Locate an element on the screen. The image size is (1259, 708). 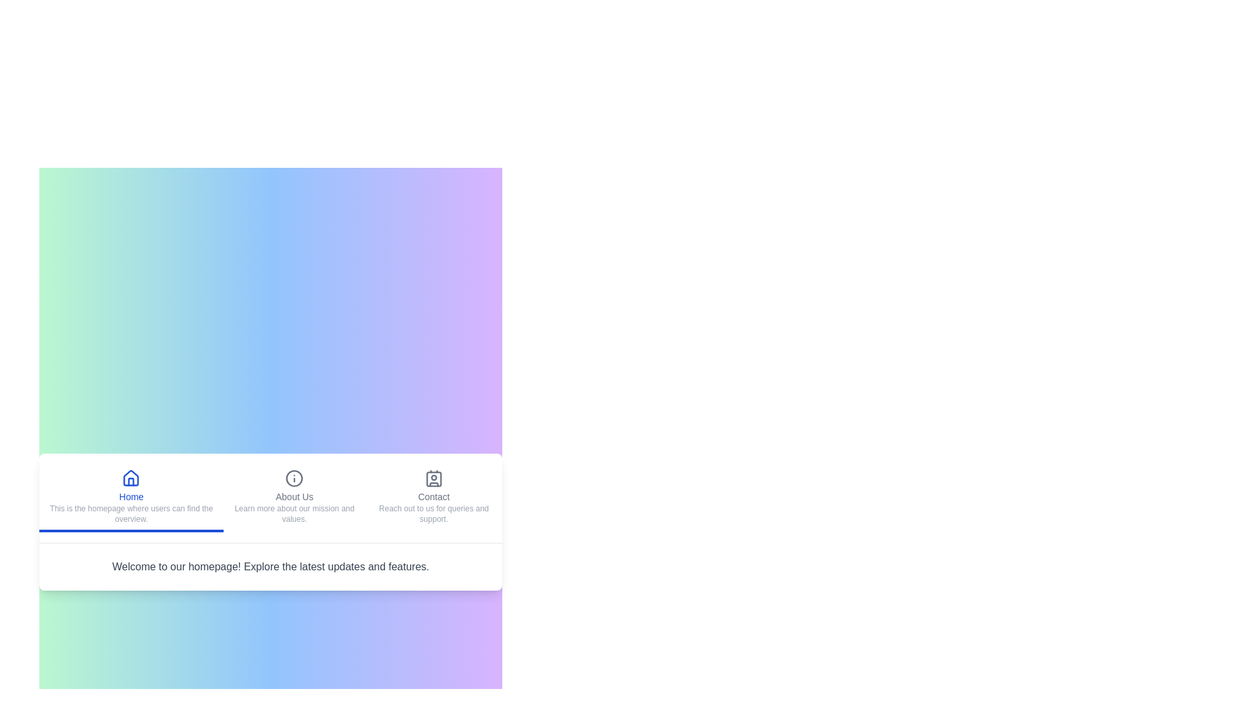
the Home tab to navigate to its content is located at coordinates (131, 498).